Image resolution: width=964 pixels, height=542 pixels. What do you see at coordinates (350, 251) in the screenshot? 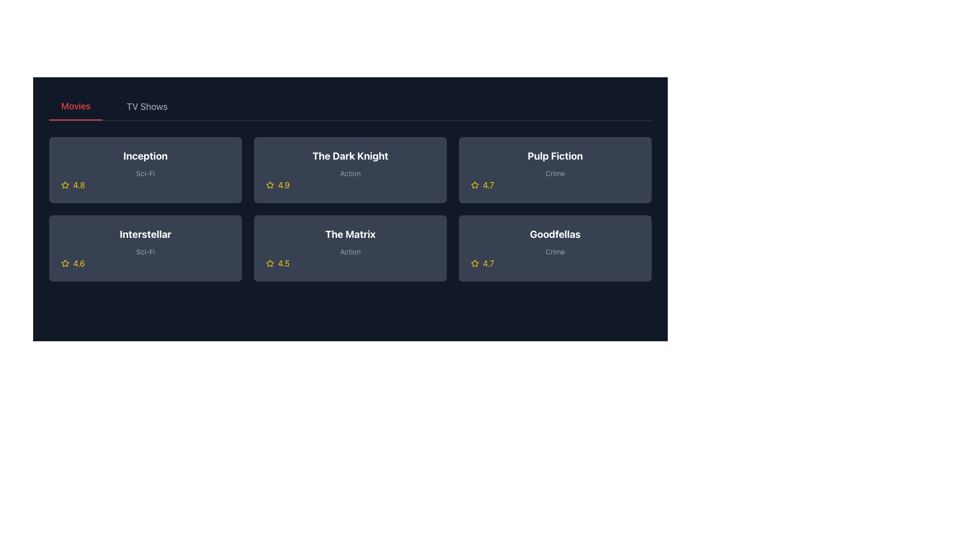
I see `the text label displaying 'Action' that is situated directly below the title 'The Matrix' in a grid layout` at bounding box center [350, 251].